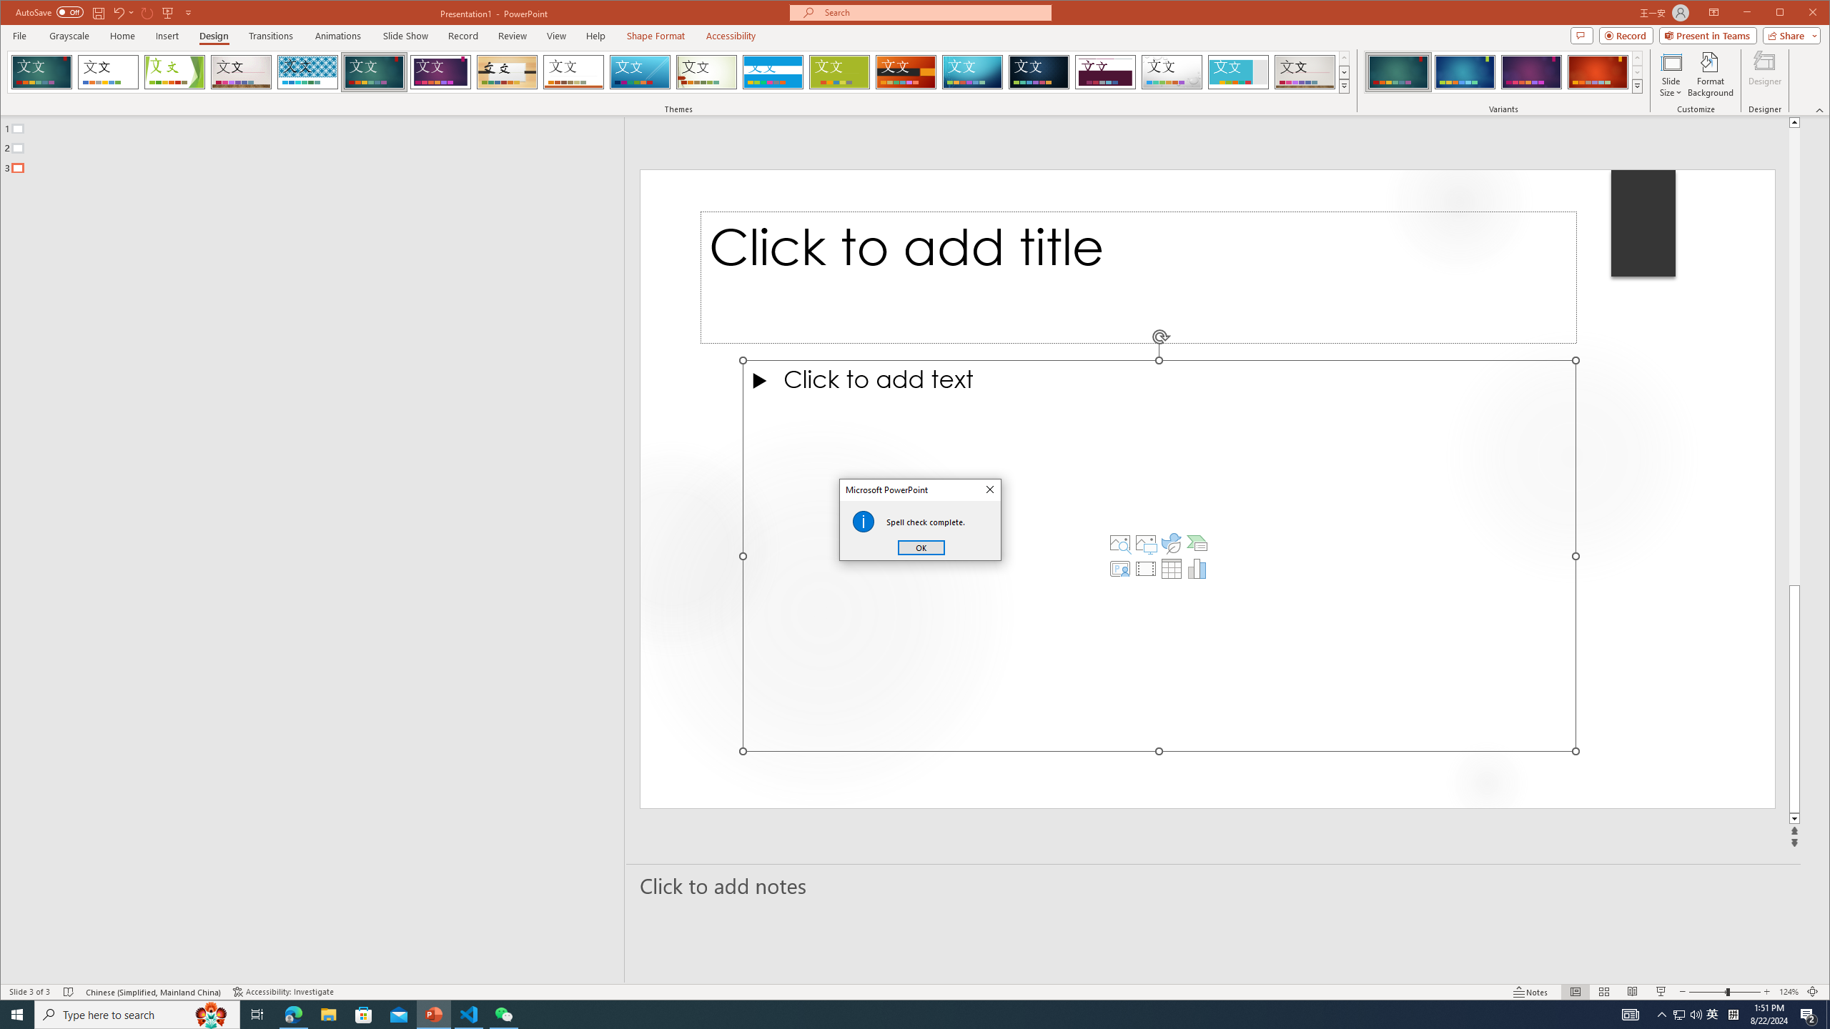 Image resolution: width=1830 pixels, height=1029 pixels. What do you see at coordinates (1145, 569) in the screenshot?
I see `'Insert Video'` at bounding box center [1145, 569].